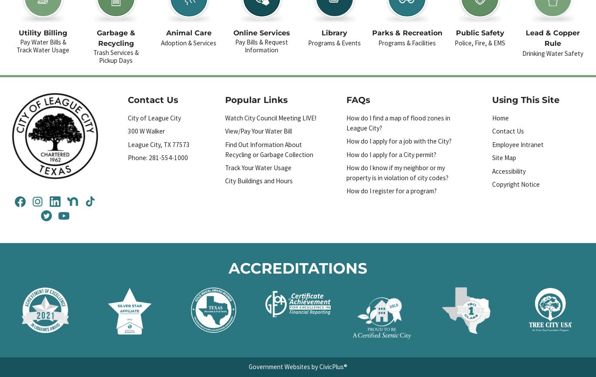 This screenshot has width=596, height=377. I want to click on 'Phone:', so click(138, 157).